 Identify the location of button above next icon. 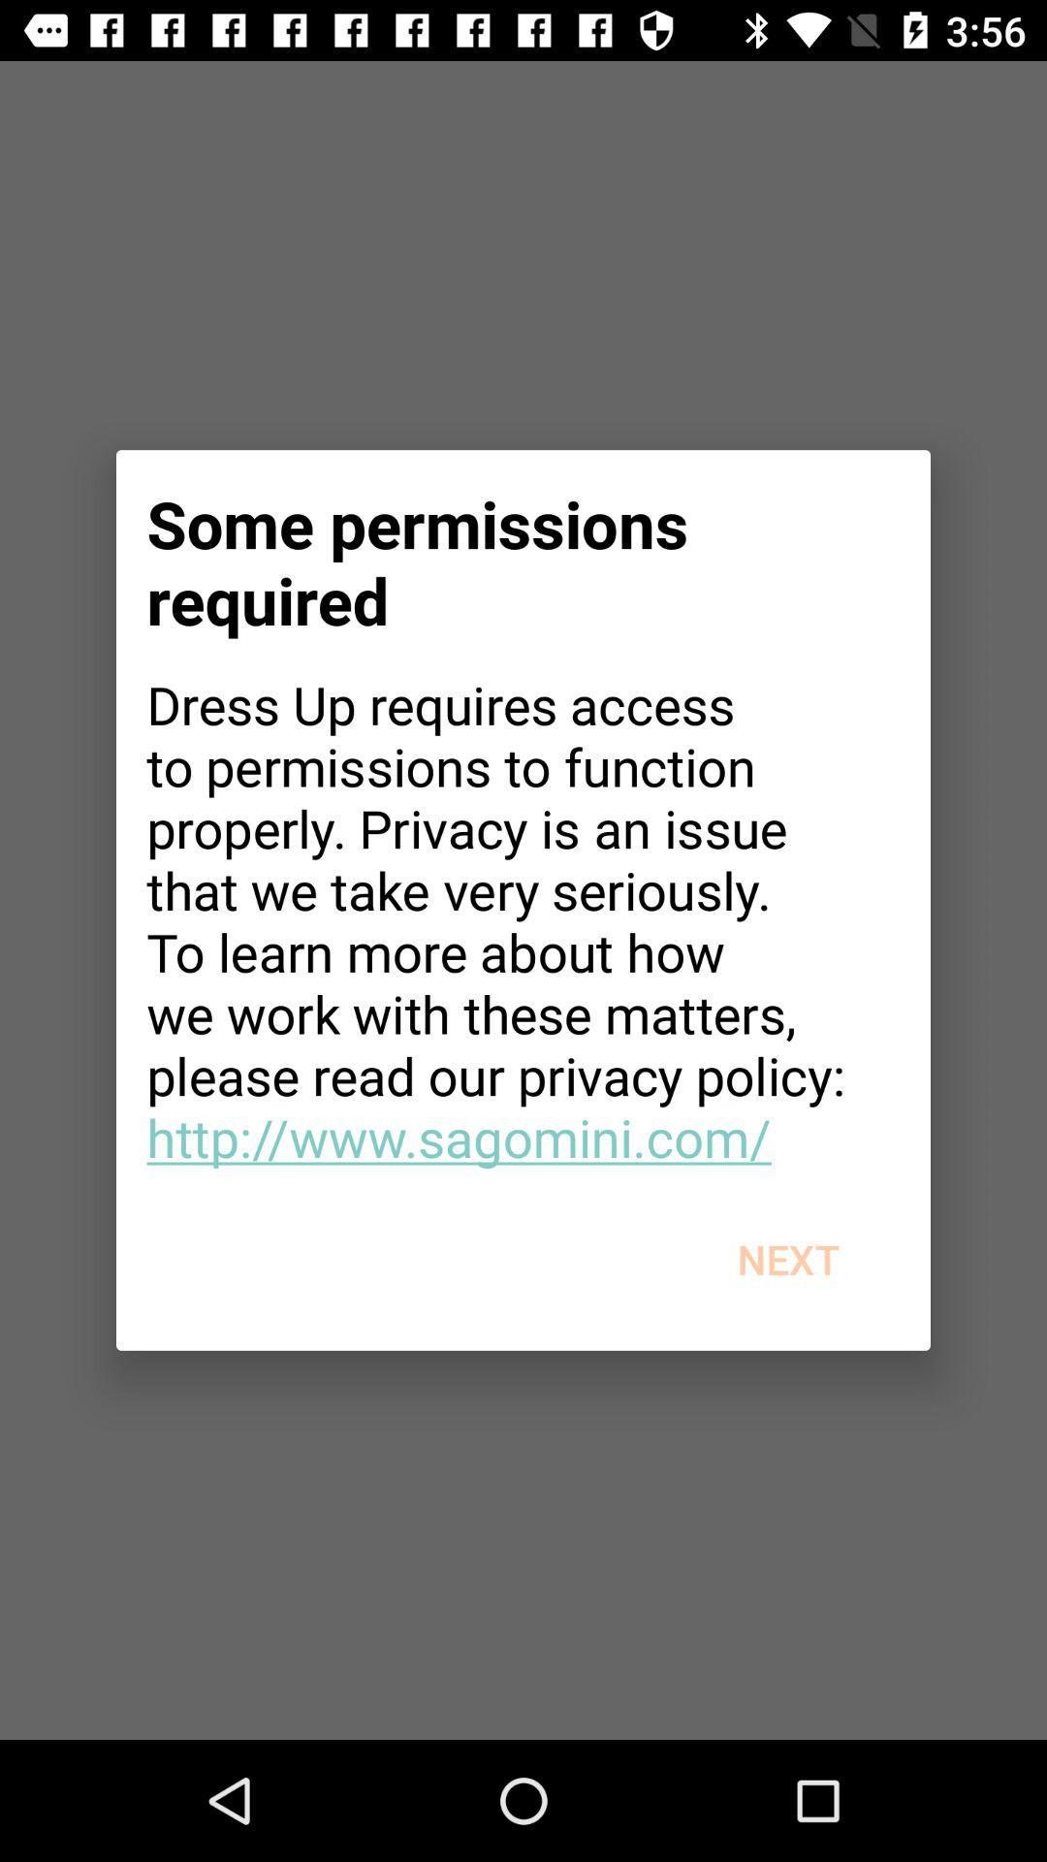
(523, 919).